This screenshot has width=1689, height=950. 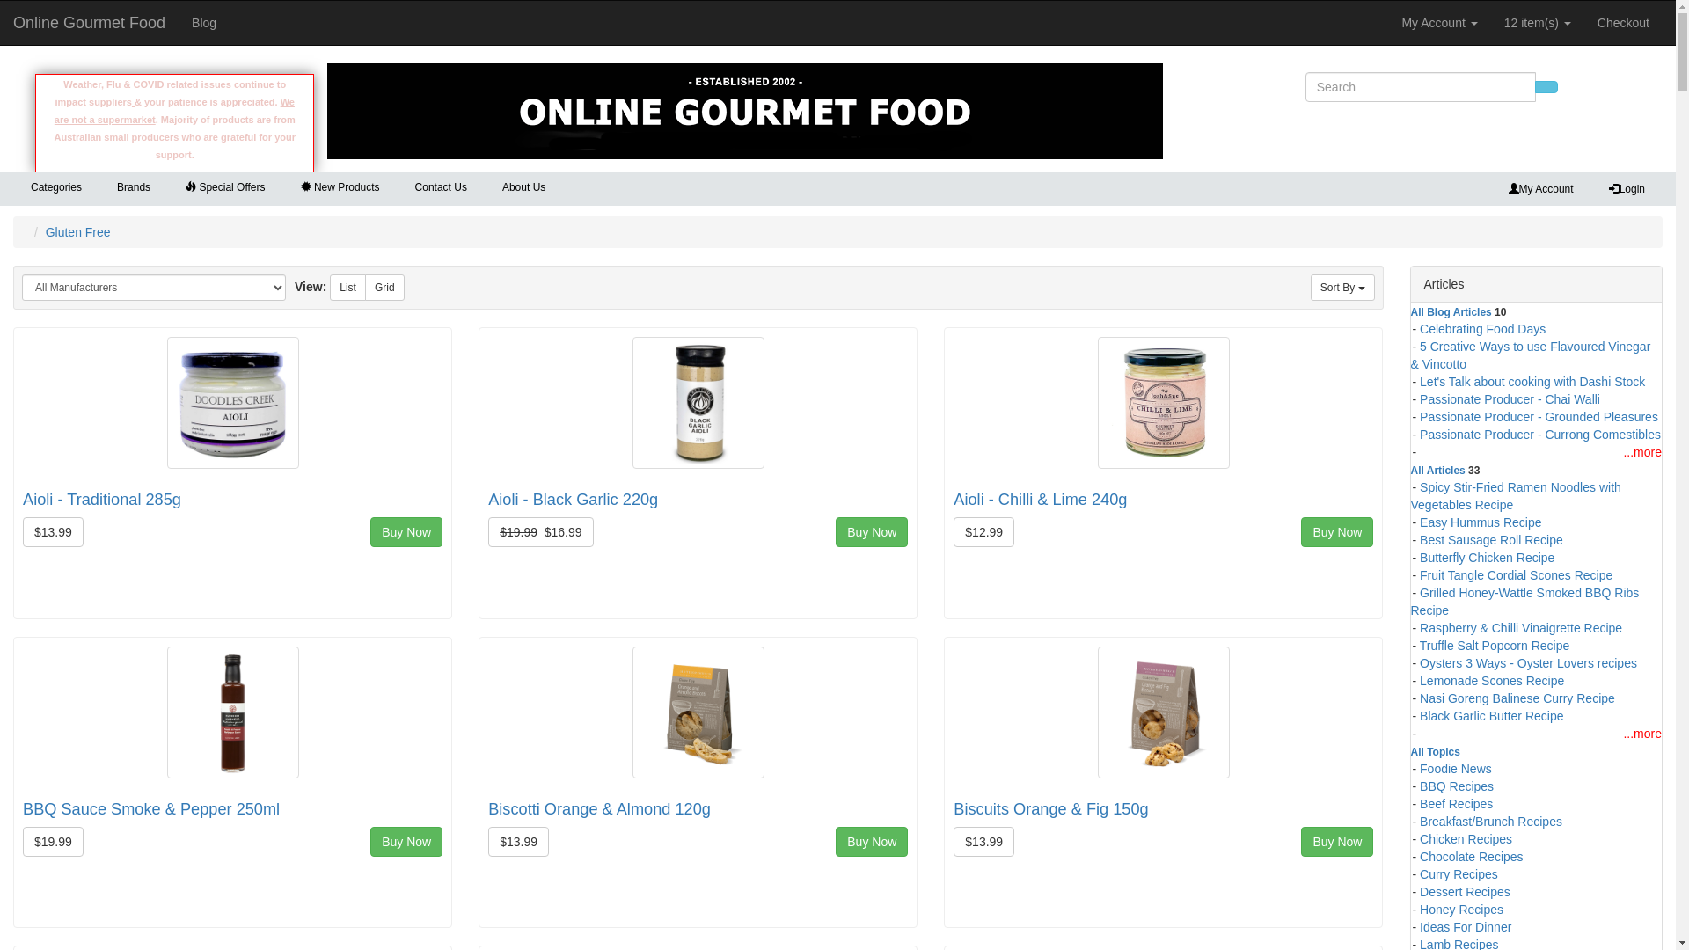 What do you see at coordinates (347, 287) in the screenshot?
I see `'List'` at bounding box center [347, 287].